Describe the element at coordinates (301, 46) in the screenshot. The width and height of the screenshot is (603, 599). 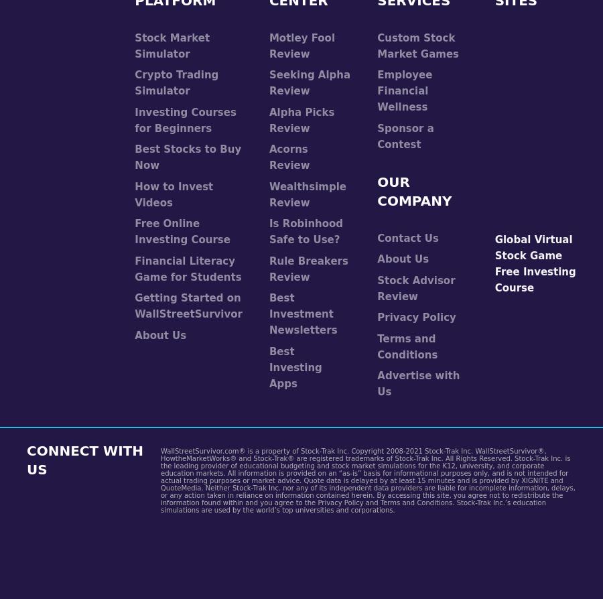
I see `'Motley Fool Review'` at that location.